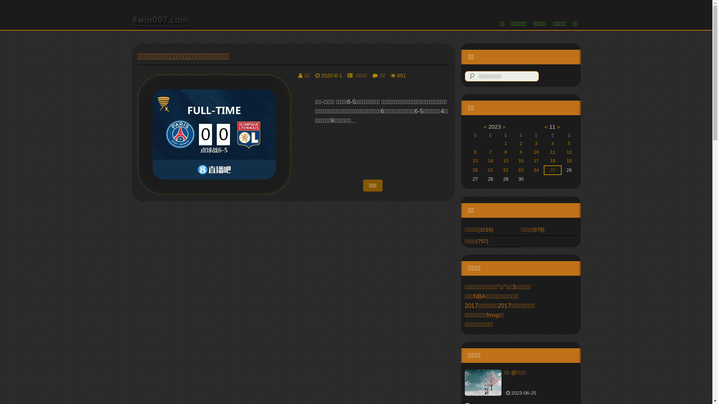  What do you see at coordinates (550, 160) in the screenshot?
I see `'18'` at bounding box center [550, 160].